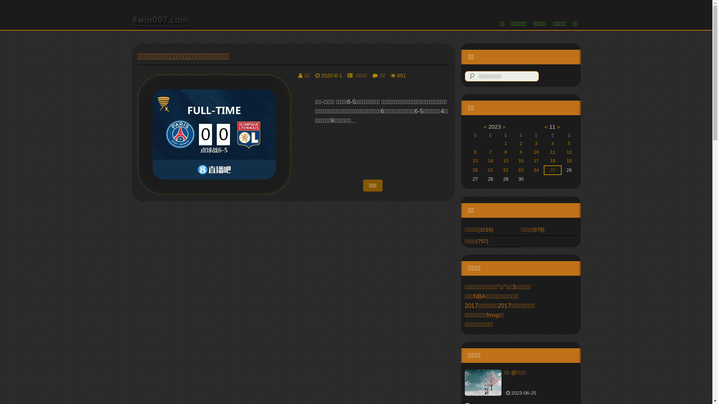  What do you see at coordinates (550, 160) in the screenshot?
I see `'18'` at bounding box center [550, 160].